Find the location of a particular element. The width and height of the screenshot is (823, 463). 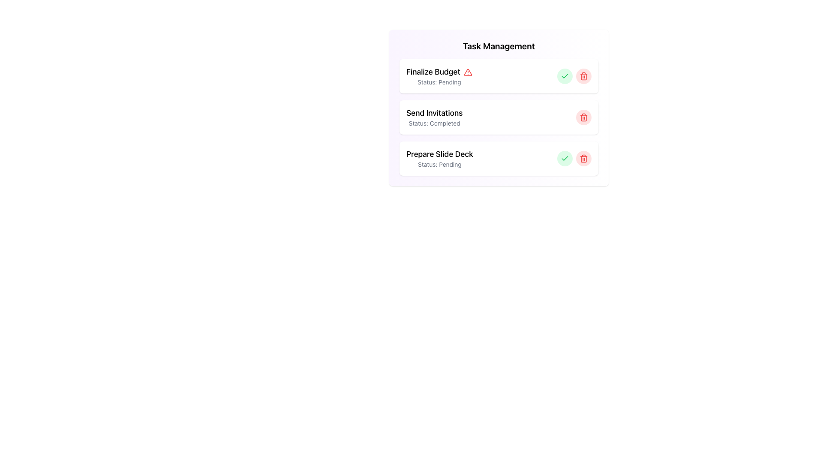

the alert information associated with the notification icon located to the right of the 'Finalize Budget' text in the Task Management card is located at coordinates (467, 72).